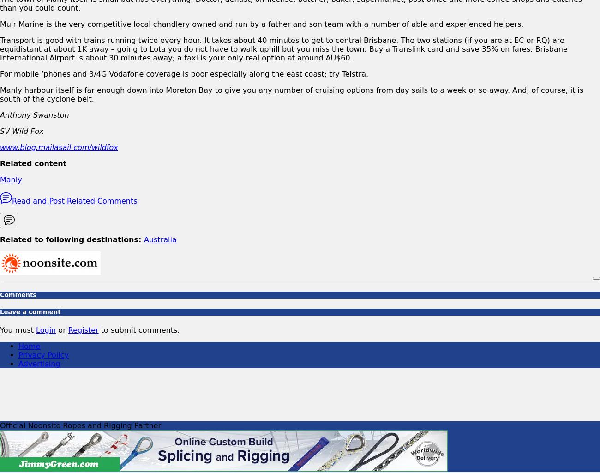 The width and height of the screenshot is (600, 473). Describe the element at coordinates (80, 425) in the screenshot. I see `'Official Noonsite Ropes and Rigging Partner'` at that location.